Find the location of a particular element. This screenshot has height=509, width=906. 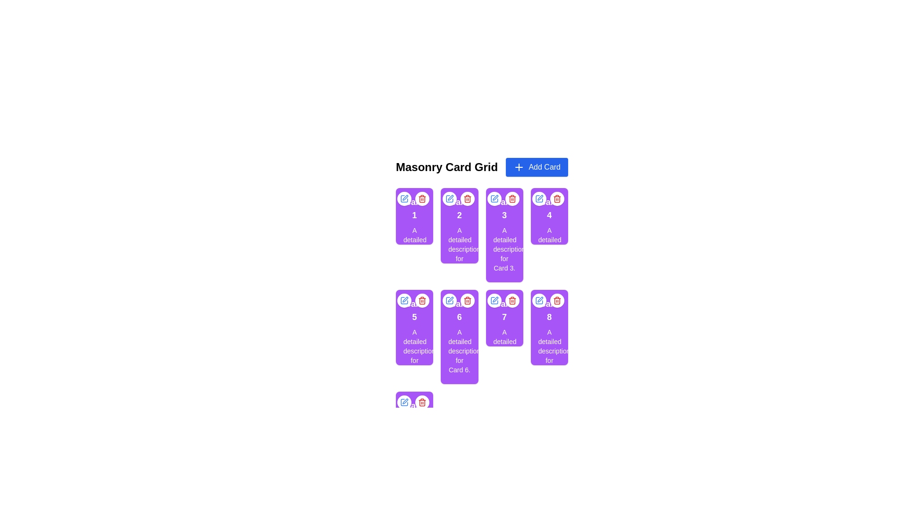

the trash icon located in the second card of the top row in the 'Masonry Card Grid' to initiate delete action is located at coordinates (422, 198).